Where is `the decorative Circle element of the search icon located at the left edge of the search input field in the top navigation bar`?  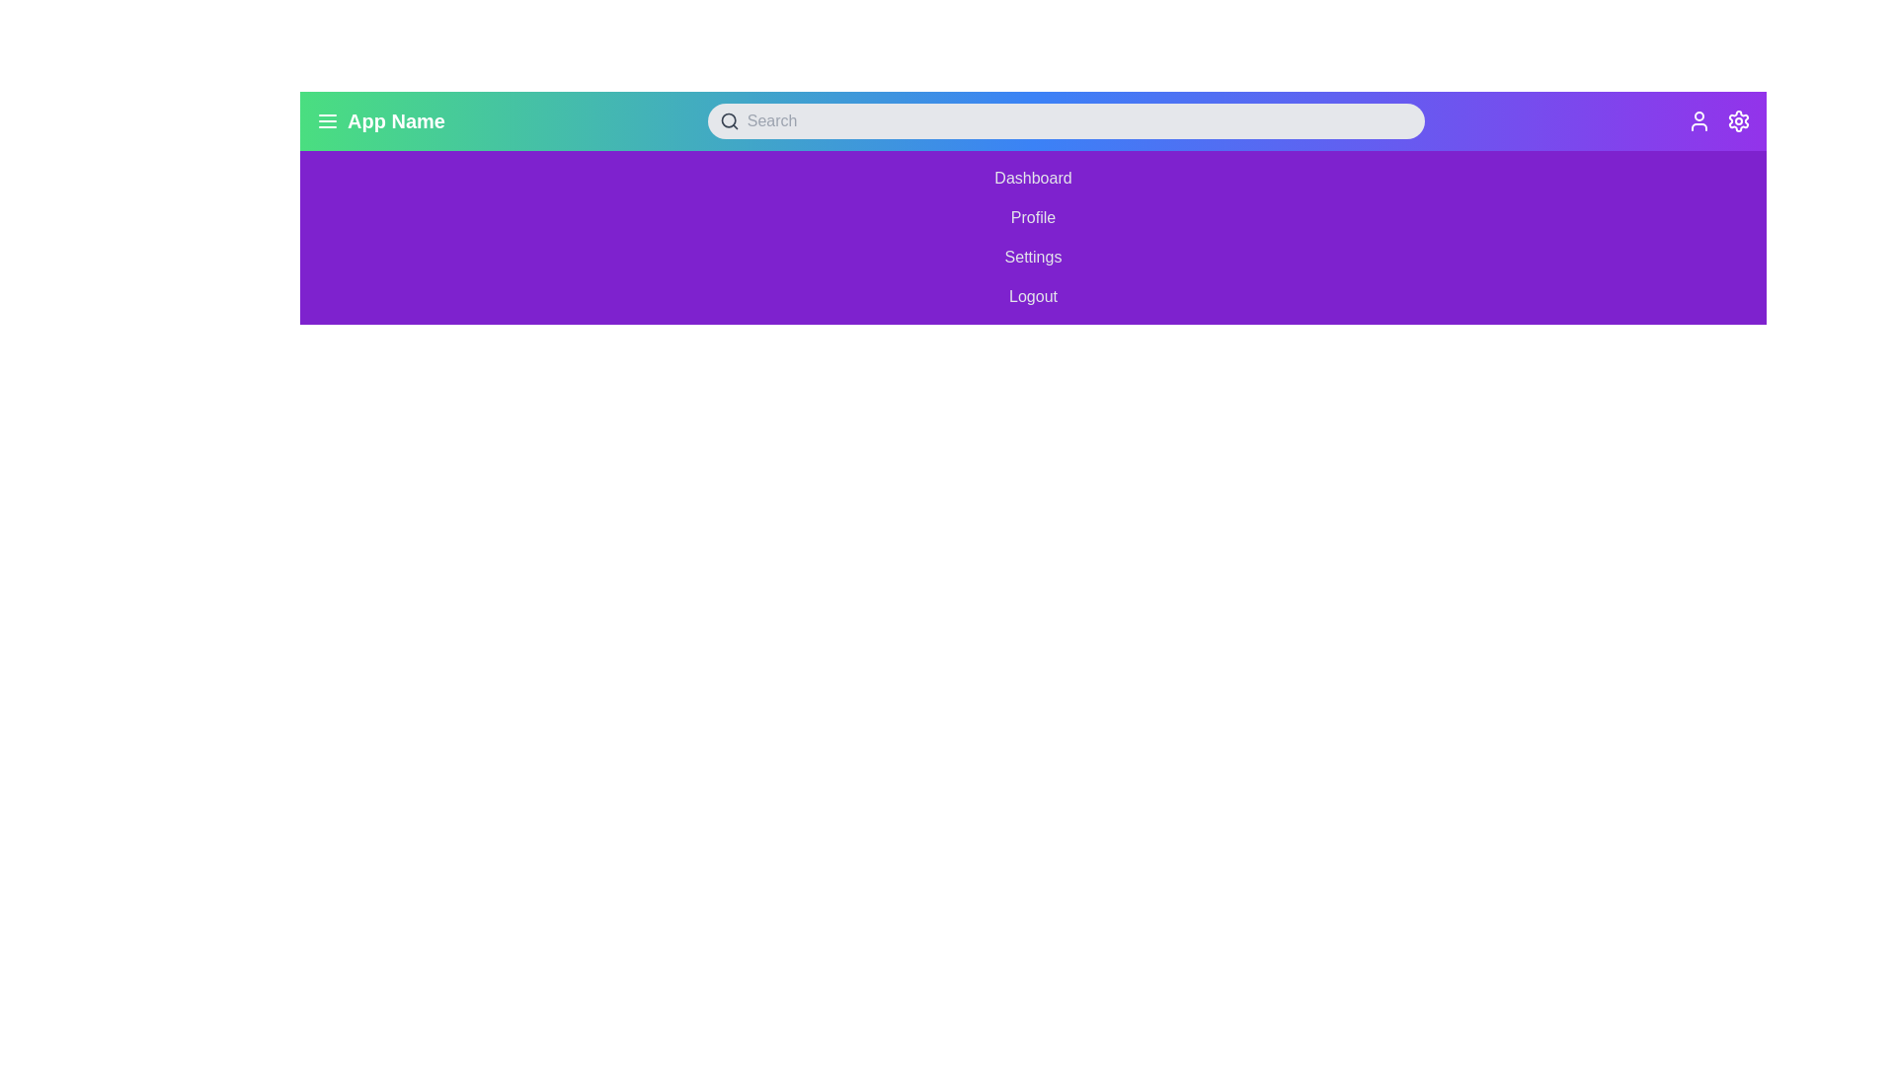
the decorative Circle element of the search icon located at the left edge of the search input field in the top navigation bar is located at coordinates (727, 120).